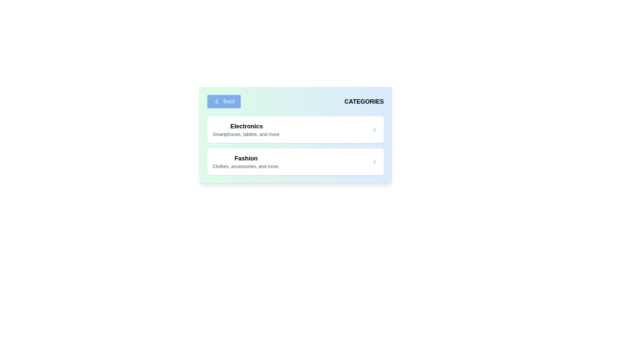 The width and height of the screenshot is (642, 361). Describe the element at coordinates (295, 161) in the screenshot. I see `the second card item in the vertical list of categories labeled 'Fashion'` at that location.